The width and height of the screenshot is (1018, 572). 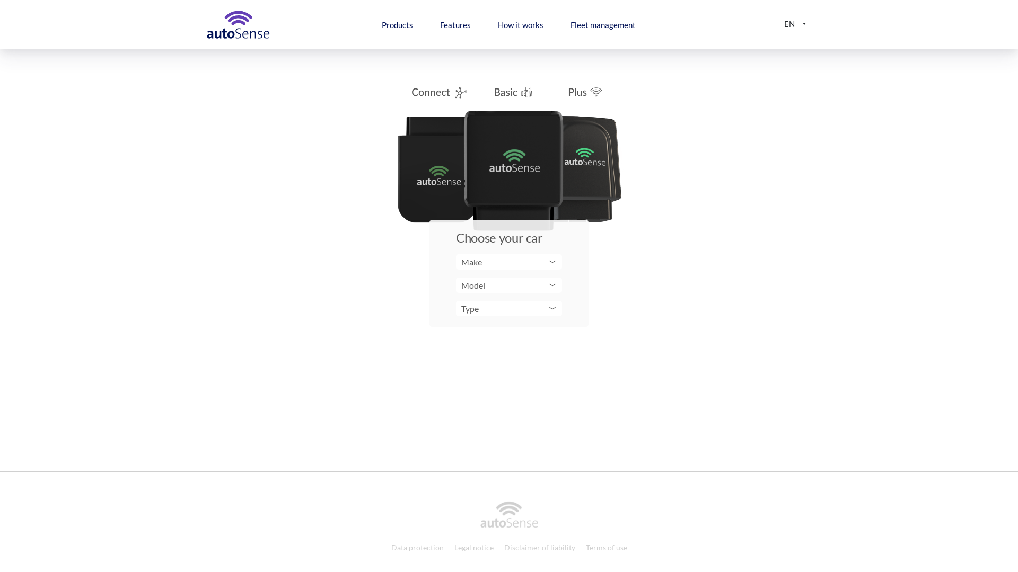 I want to click on 'Products', so click(x=397, y=24).